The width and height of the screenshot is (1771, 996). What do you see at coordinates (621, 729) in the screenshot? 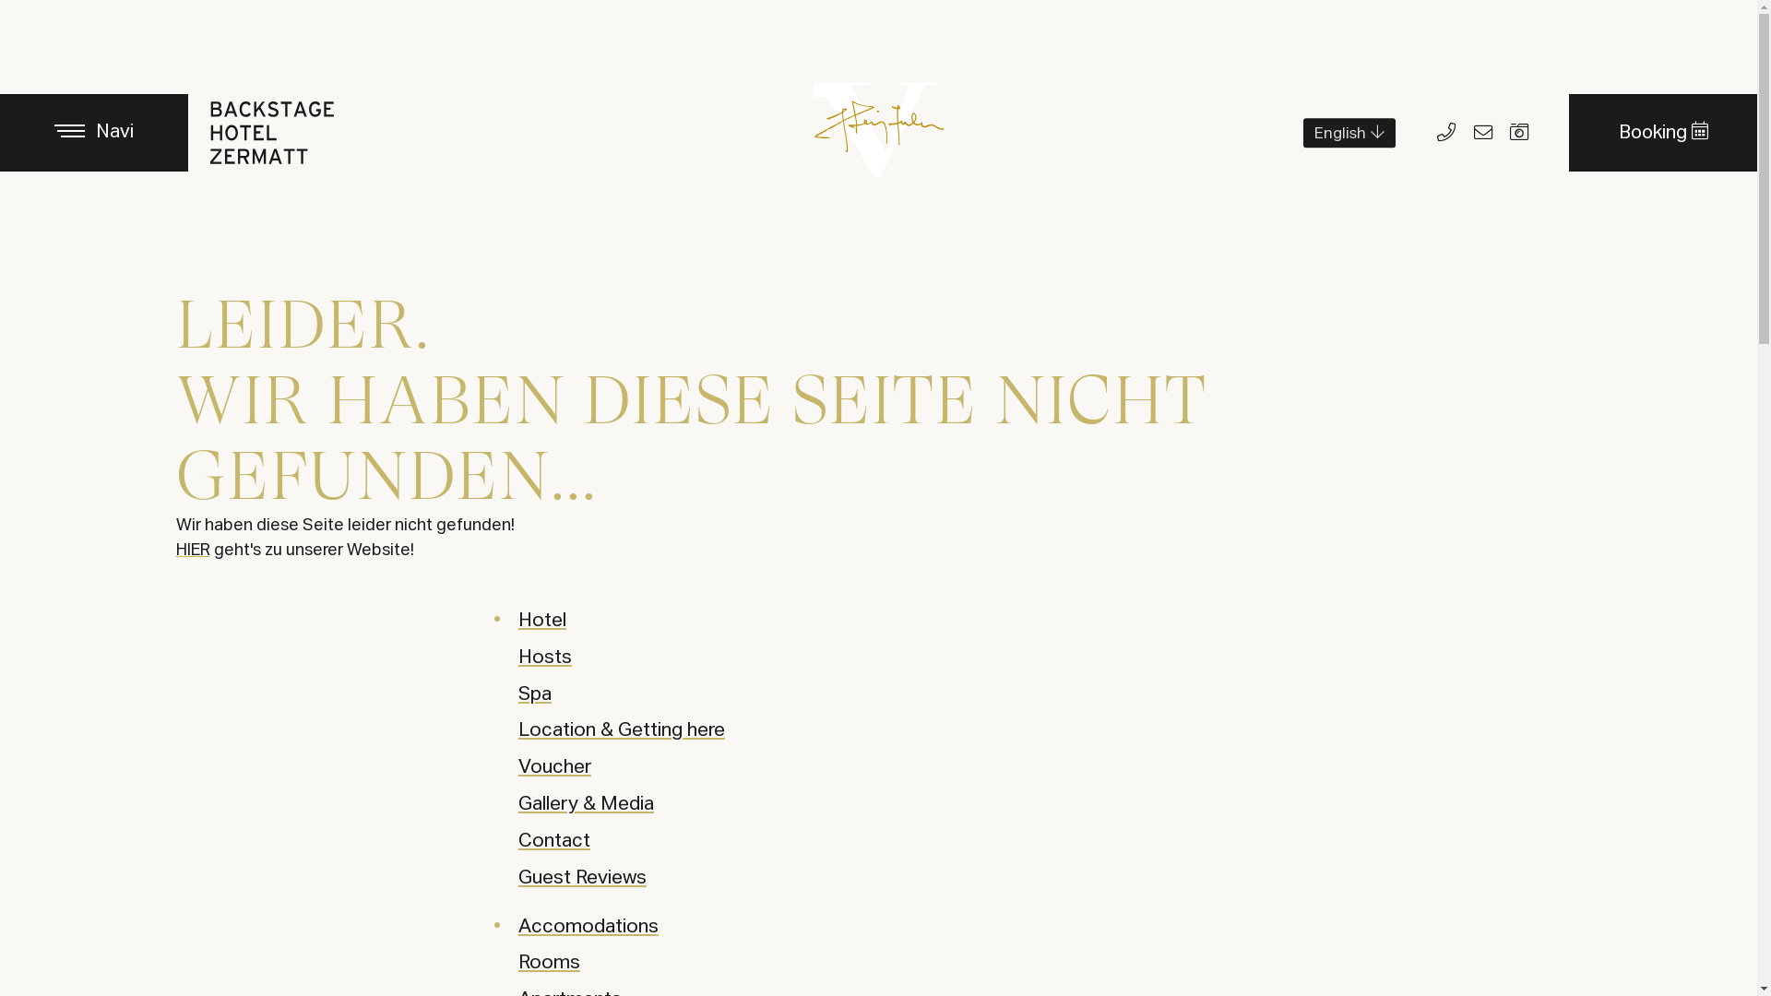
I see `'Location & Getting here'` at bounding box center [621, 729].